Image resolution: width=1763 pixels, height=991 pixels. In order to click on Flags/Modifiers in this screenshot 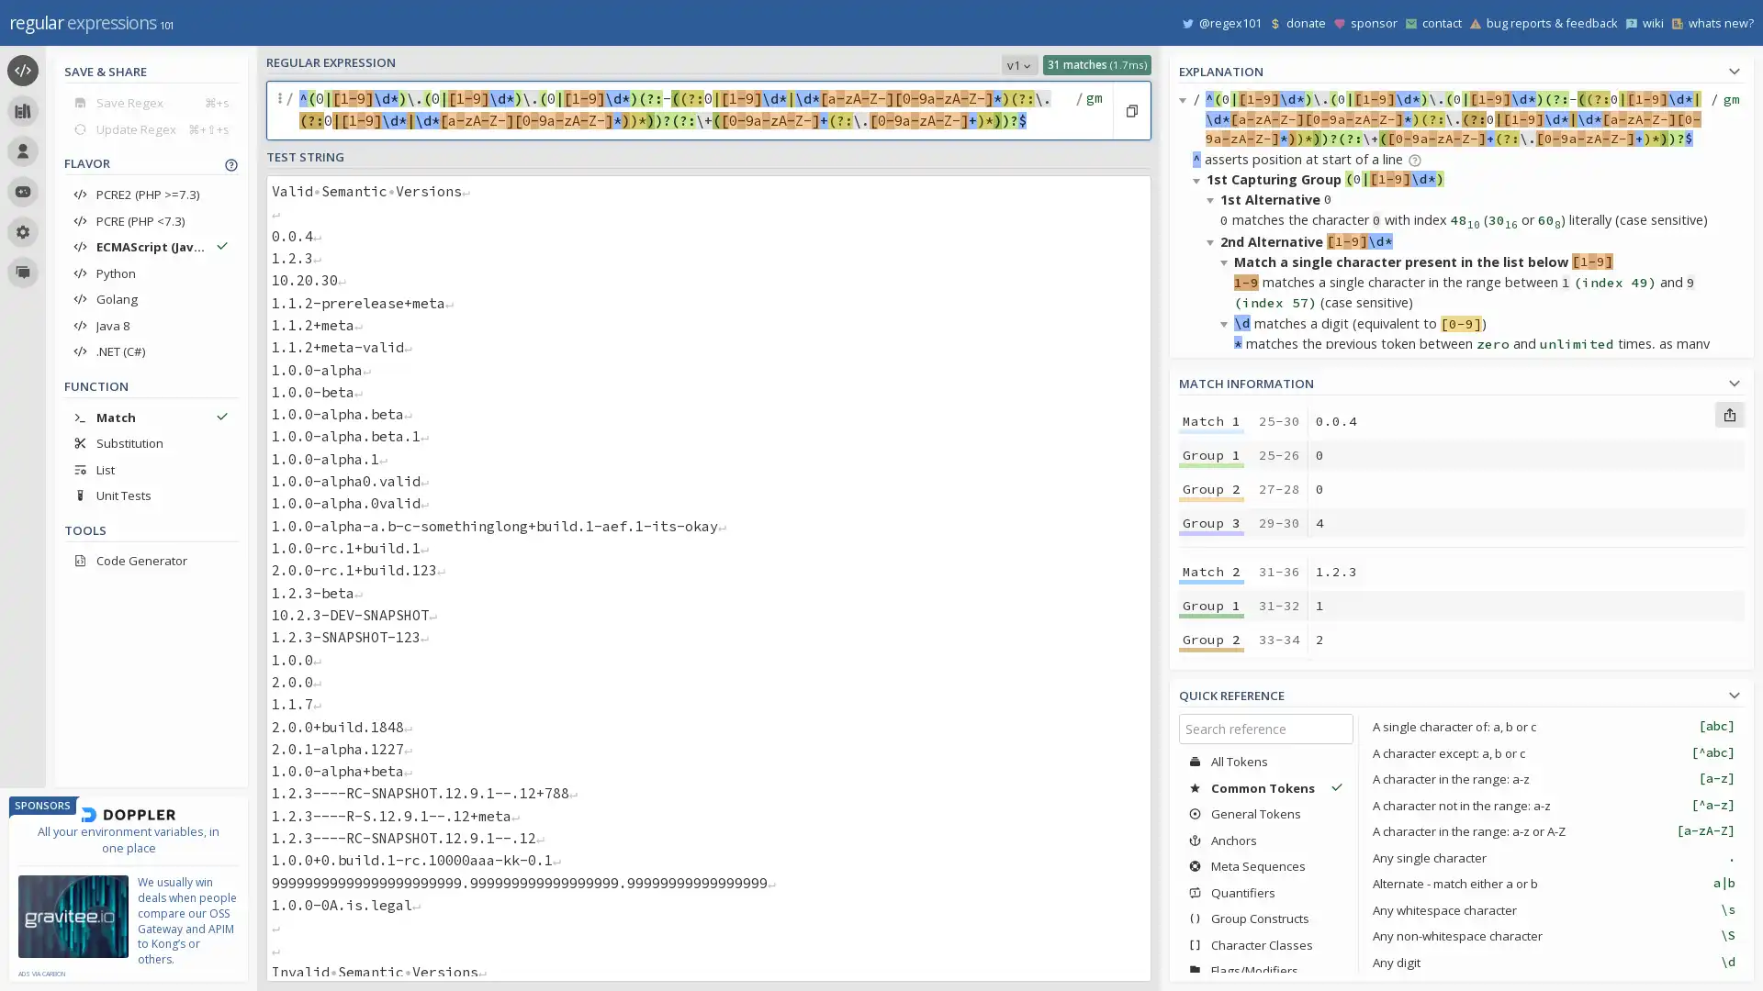, I will do `click(1264, 969)`.